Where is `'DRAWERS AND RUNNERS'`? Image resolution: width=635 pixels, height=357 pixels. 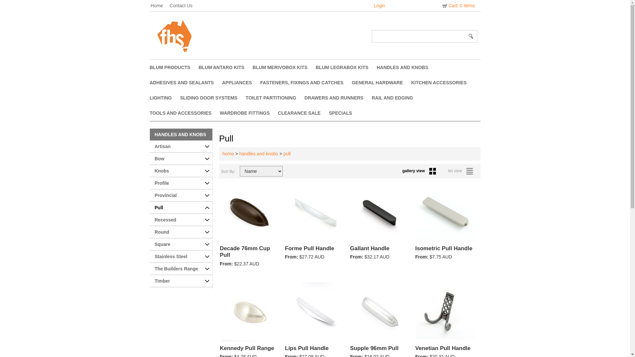
'DRAWERS AND RUNNERS' is located at coordinates (338, 98).